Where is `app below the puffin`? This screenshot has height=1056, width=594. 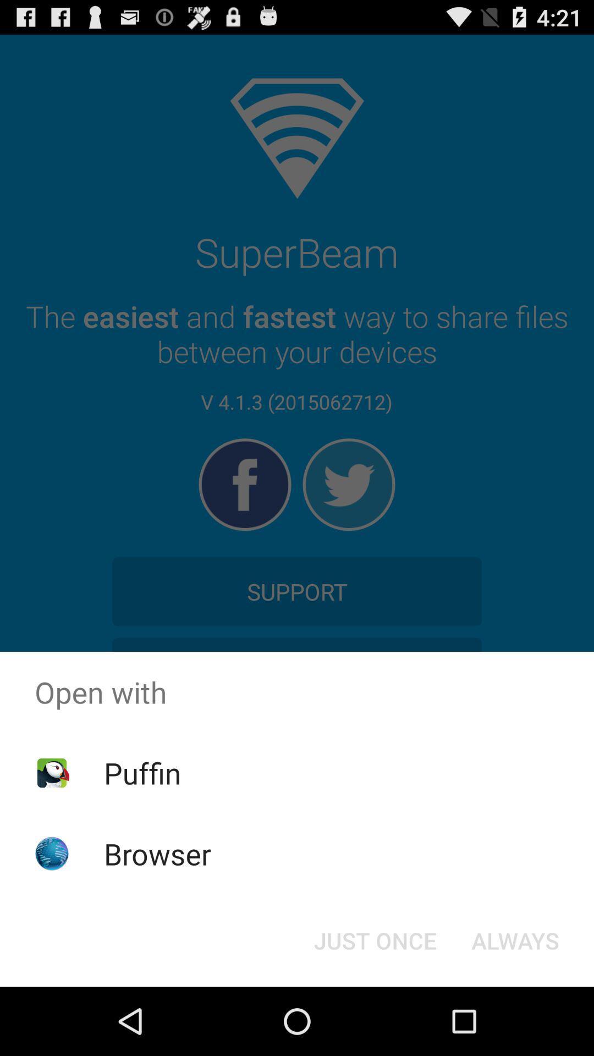 app below the puffin is located at coordinates (157, 853).